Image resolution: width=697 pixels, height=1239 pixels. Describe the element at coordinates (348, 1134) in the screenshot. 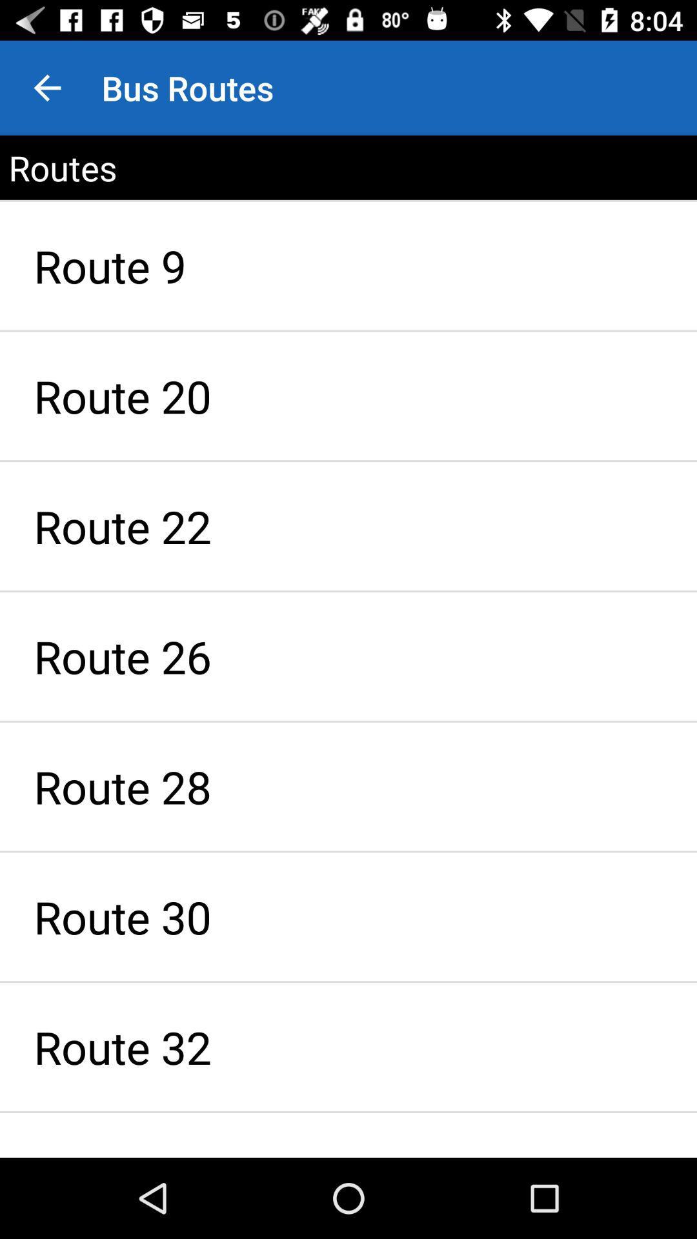

I see `item below the route 32 item` at that location.